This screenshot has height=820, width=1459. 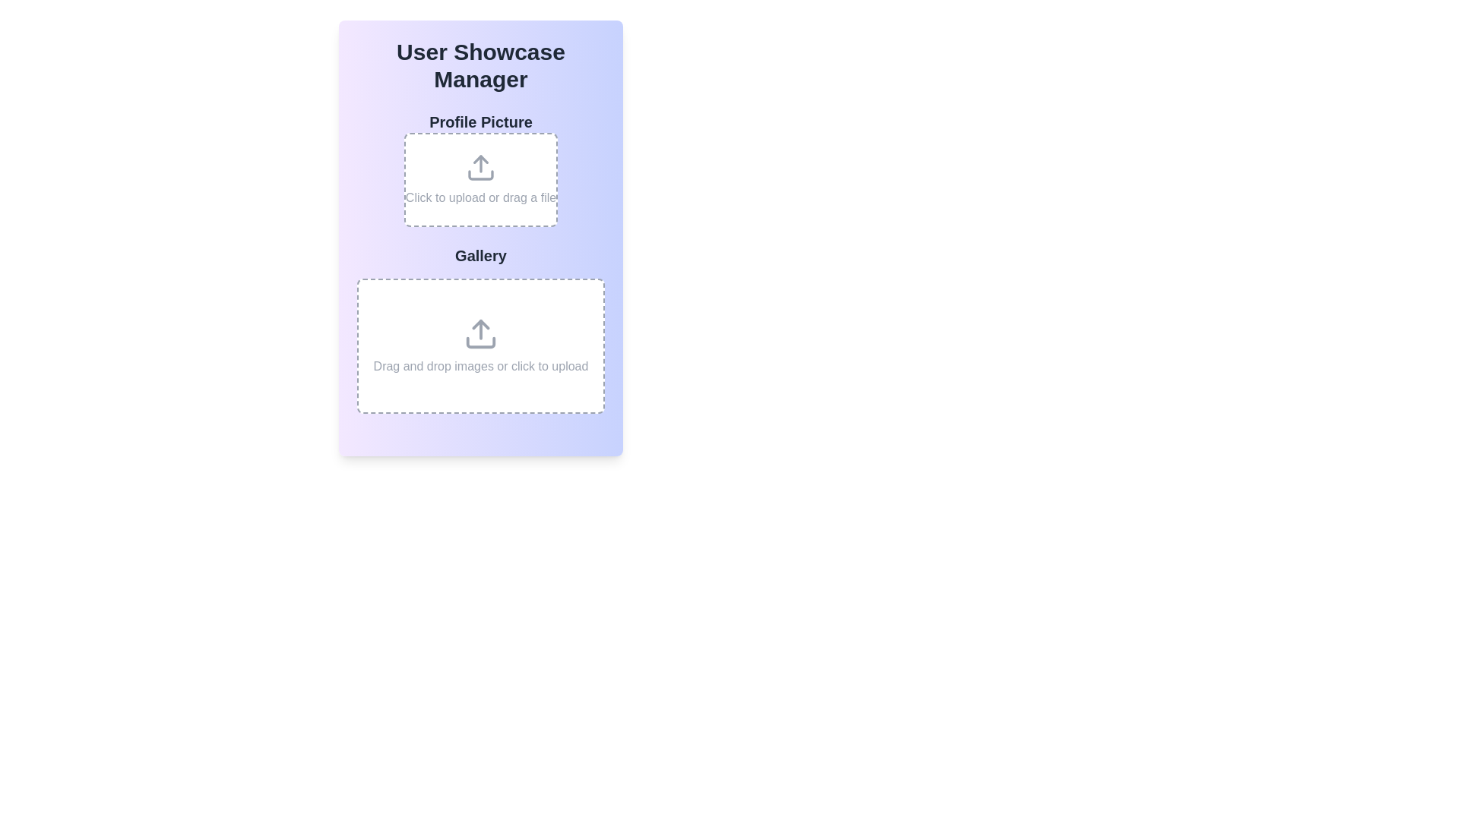 I want to click on and drop files into the Interactive file upload area located below the 'Gallery' title, which has a dashed border and rounded corners, and contains an upload icon and the text 'Drag and drop images or click, so click(x=480, y=345).